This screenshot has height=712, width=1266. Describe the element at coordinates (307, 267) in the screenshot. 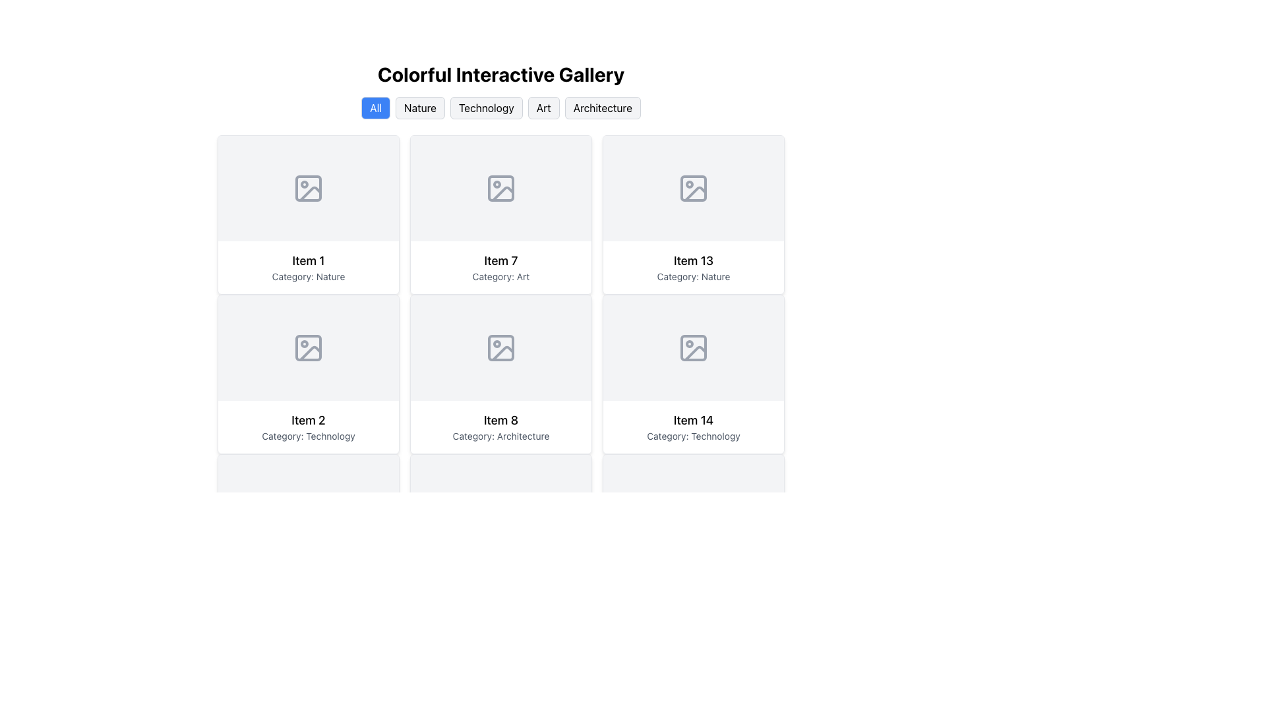

I see `the Grid Item Card containing 'Item 1' and subtext 'Category: Nature', which is located at the top-left of the grid layout` at that location.